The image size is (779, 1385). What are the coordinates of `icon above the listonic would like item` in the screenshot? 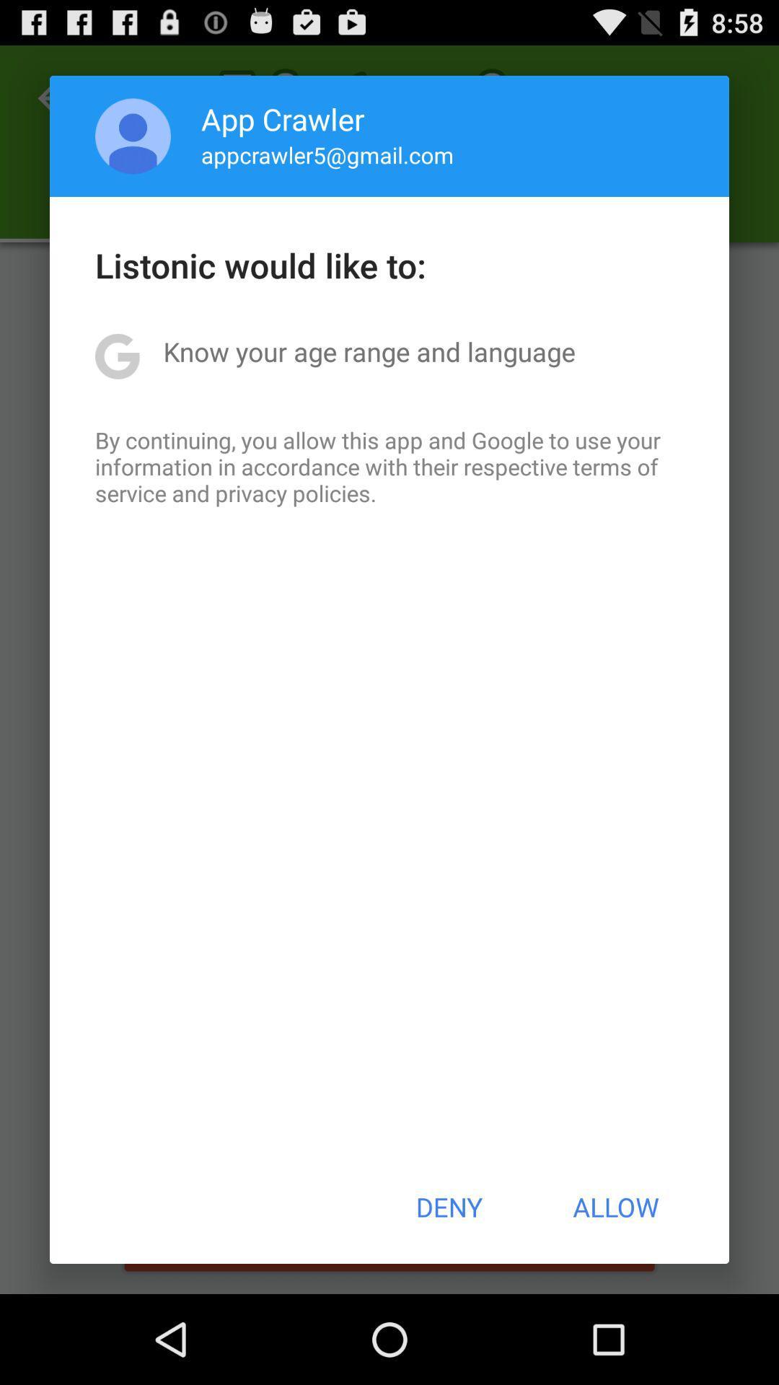 It's located at (133, 136).